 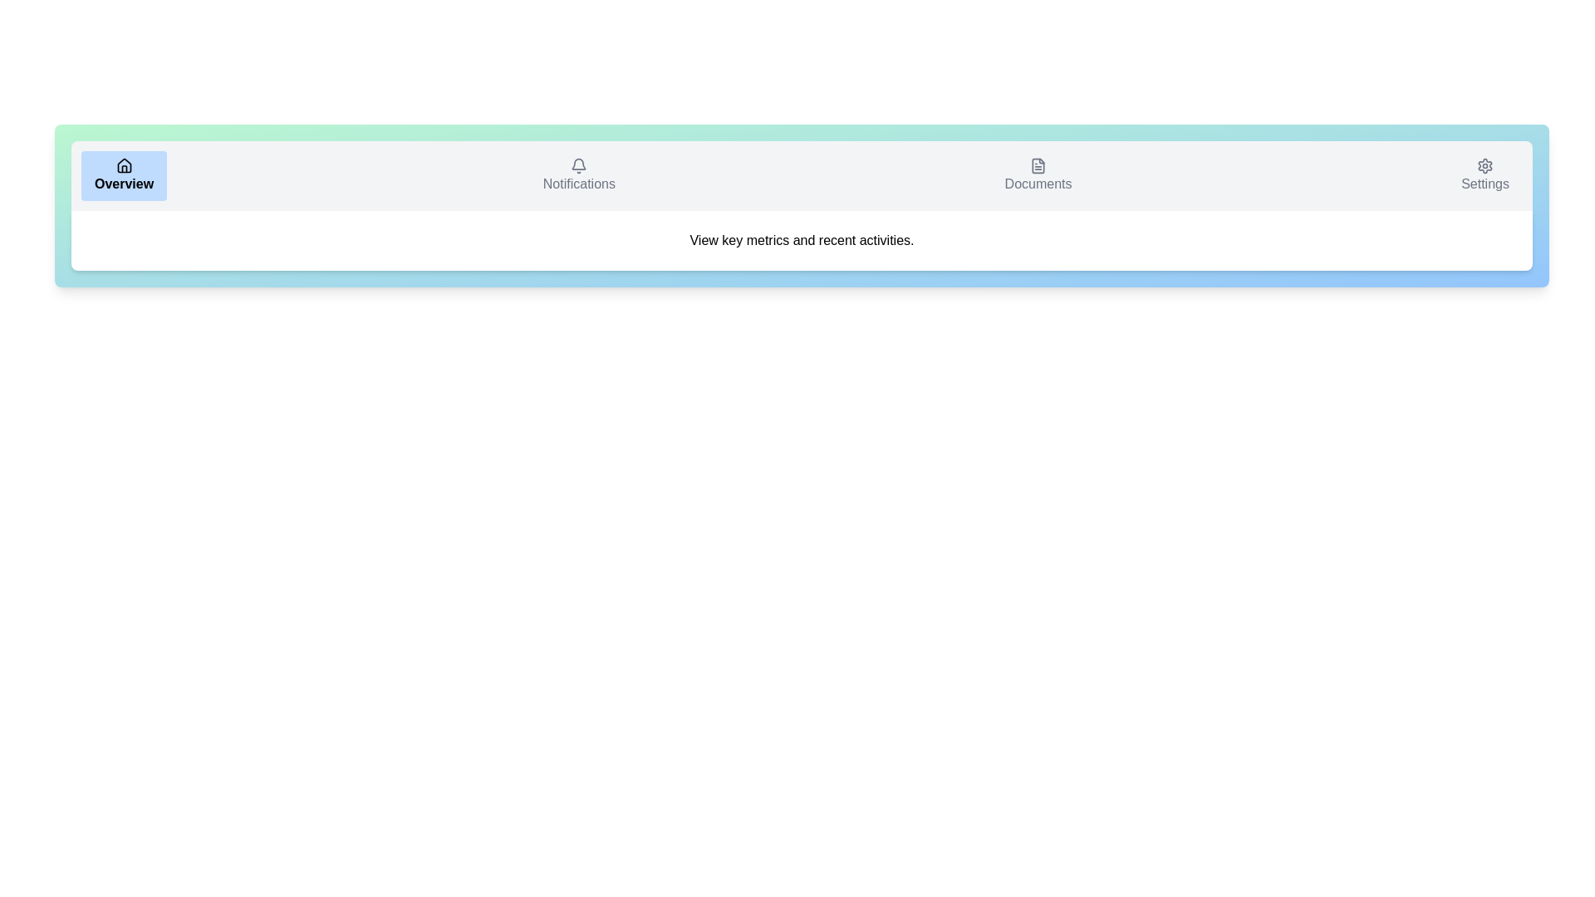 What do you see at coordinates (1038, 176) in the screenshot?
I see `the Documents tab to display its content` at bounding box center [1038, 176].